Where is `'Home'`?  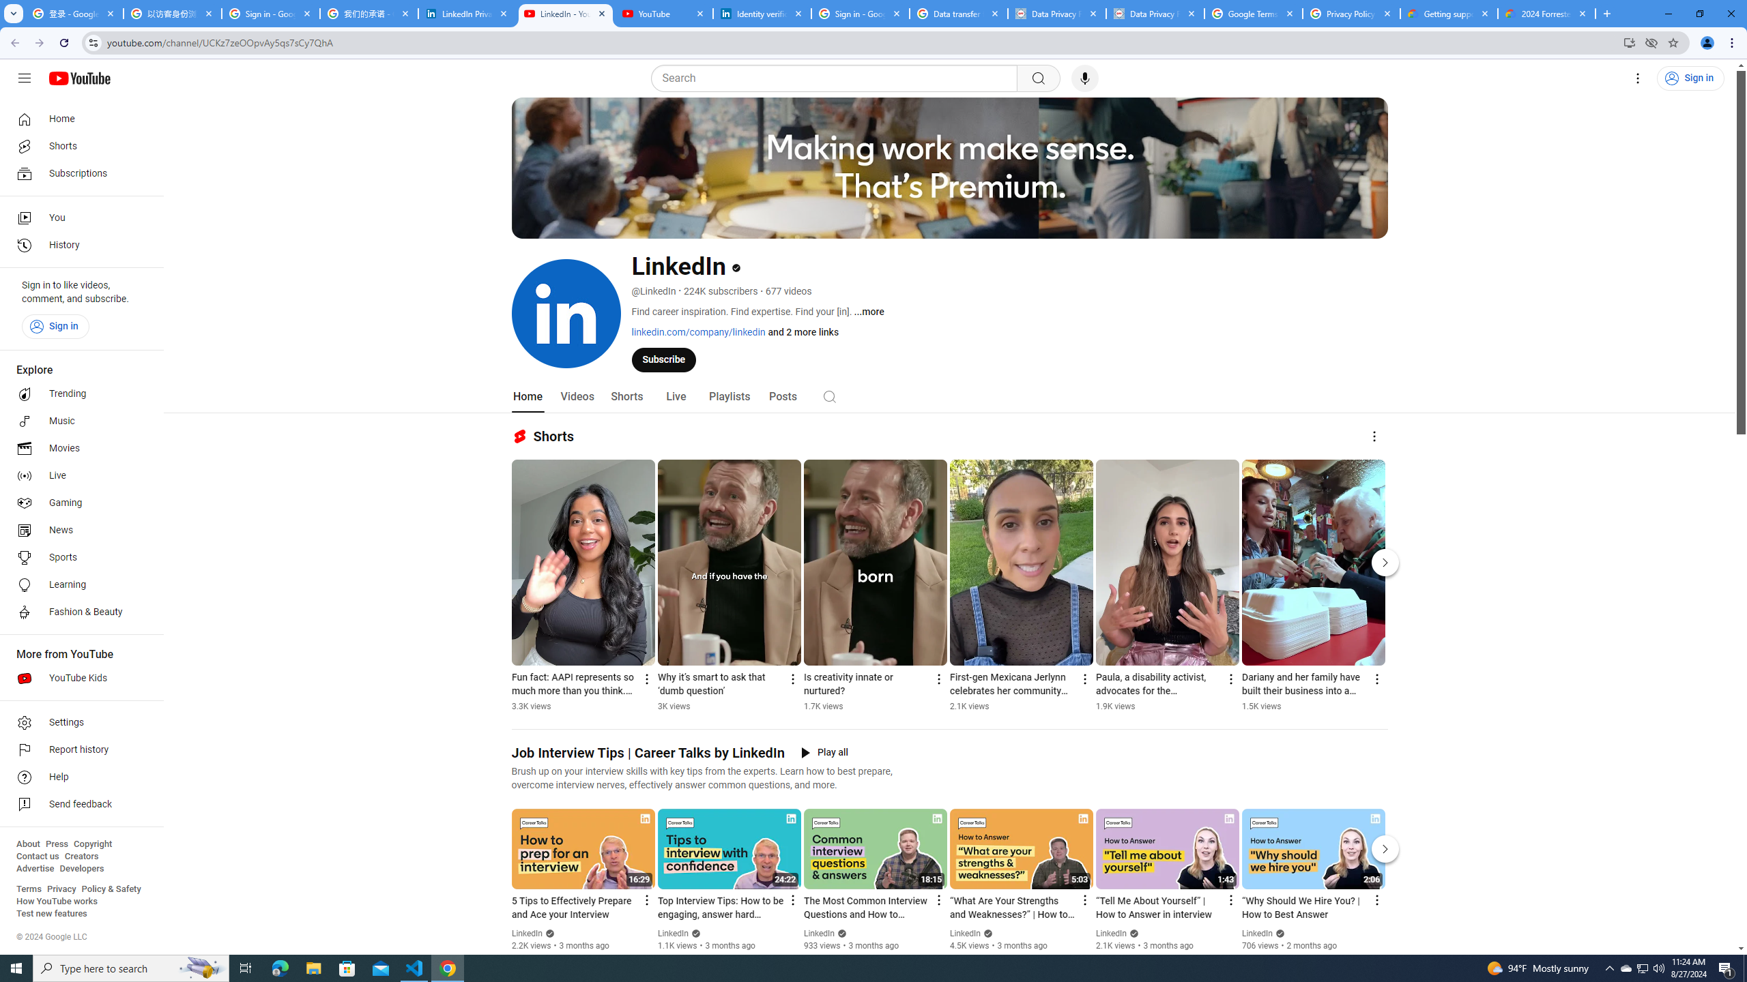 'Home' is located at coordinates (77, 118).